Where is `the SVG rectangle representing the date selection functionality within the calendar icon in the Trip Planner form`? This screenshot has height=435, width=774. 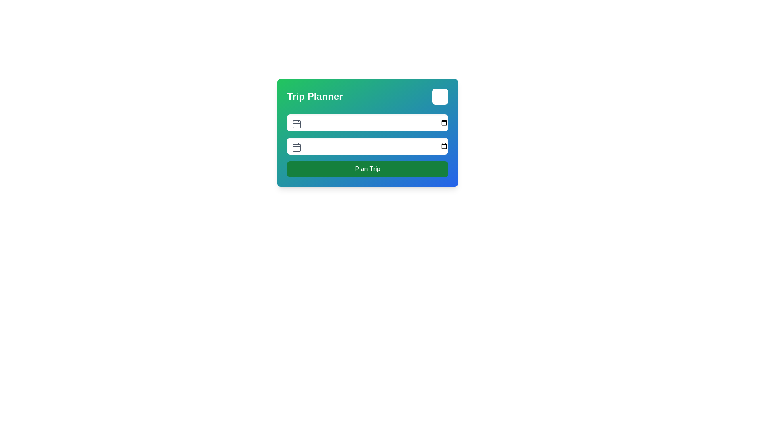
the SVG rectangle representing the date selection functionality within the calendar icon in the Trip Planner form is located at coordinates (296, 124).